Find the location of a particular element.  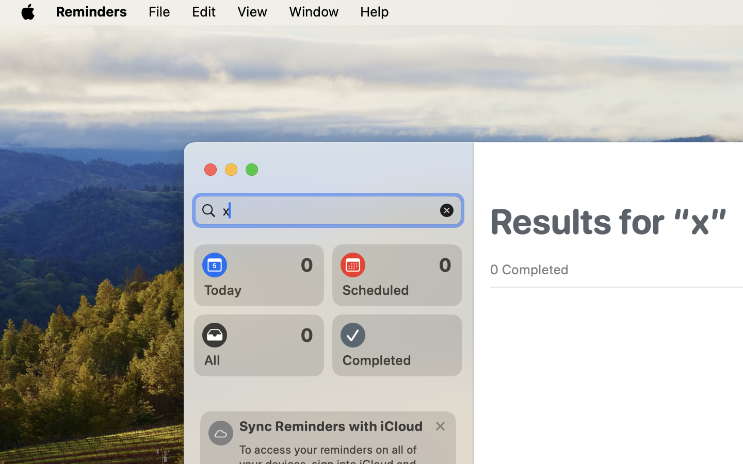

'Sync Reminders with iCloud' is located at coordinates (330, 426).